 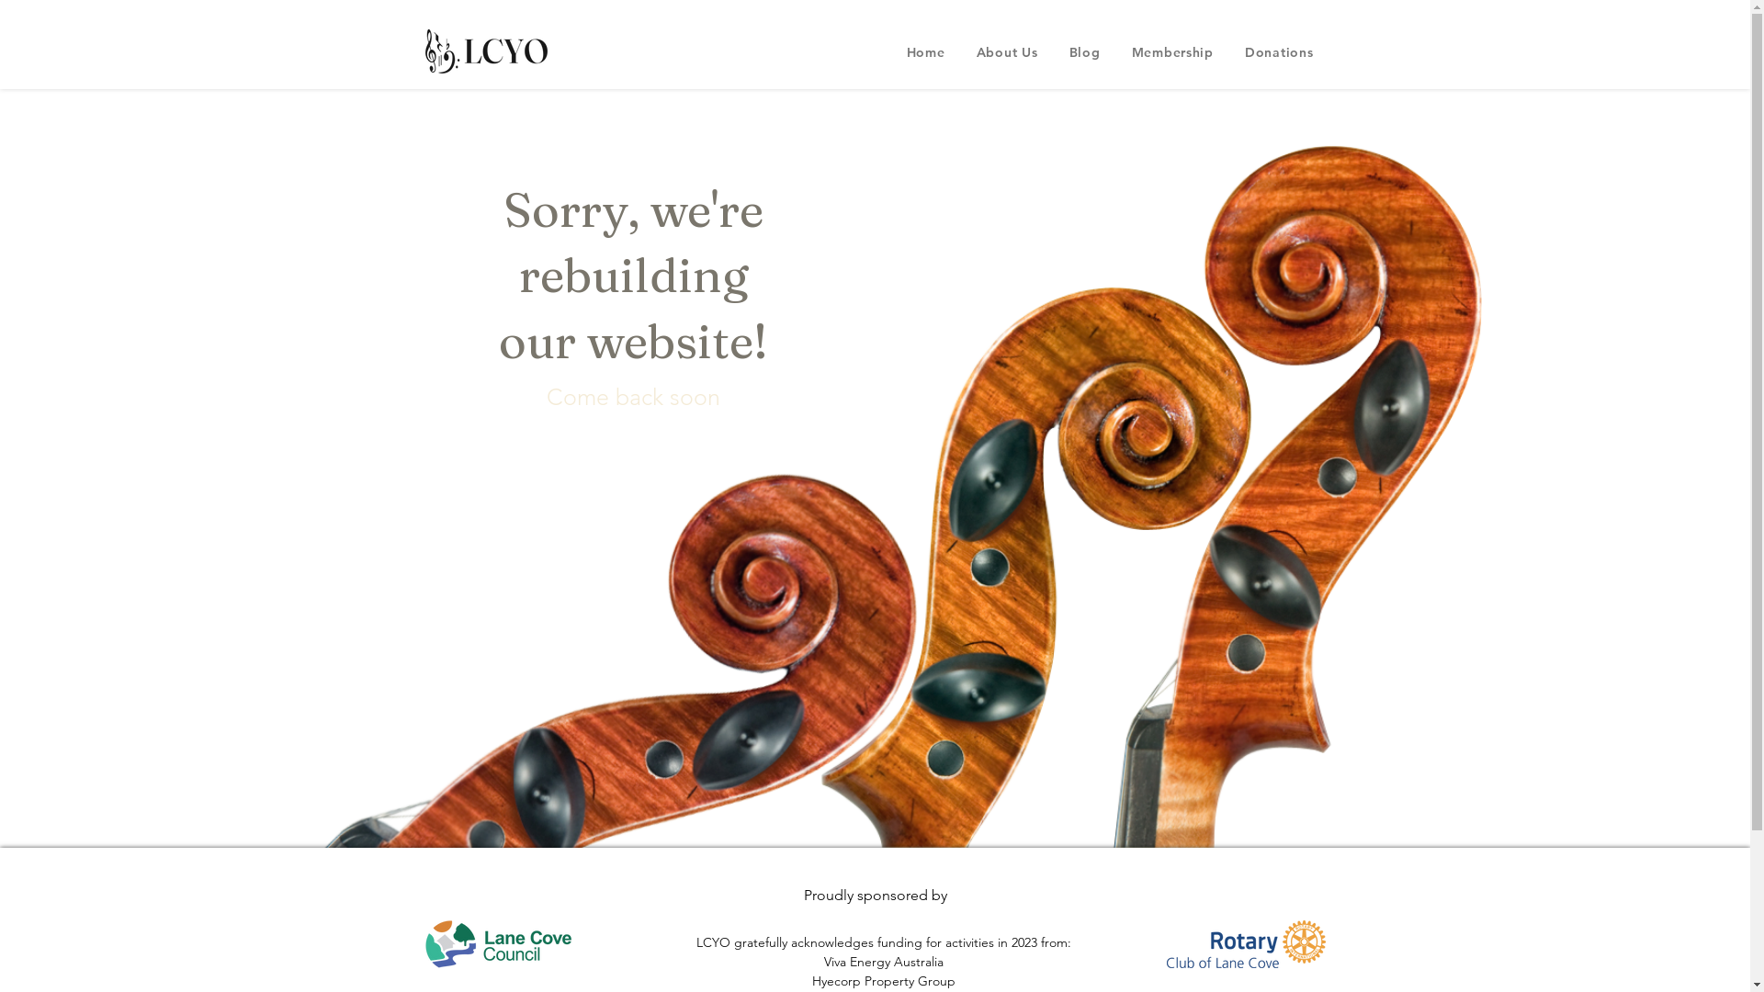 I want to click on 'Blog', so click(x=1084, y=51).